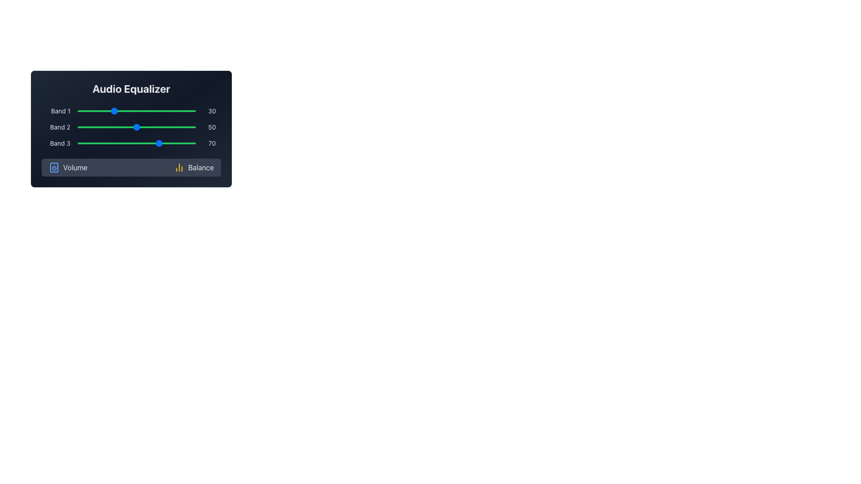 The image size is (861, 484). Describe the element at coordinates (53, 168) in the screenshot. I see `the 'Volume' icon located at the leftmost position in the bottom row of the interface to interact with the corresponding audio controls` at that location.